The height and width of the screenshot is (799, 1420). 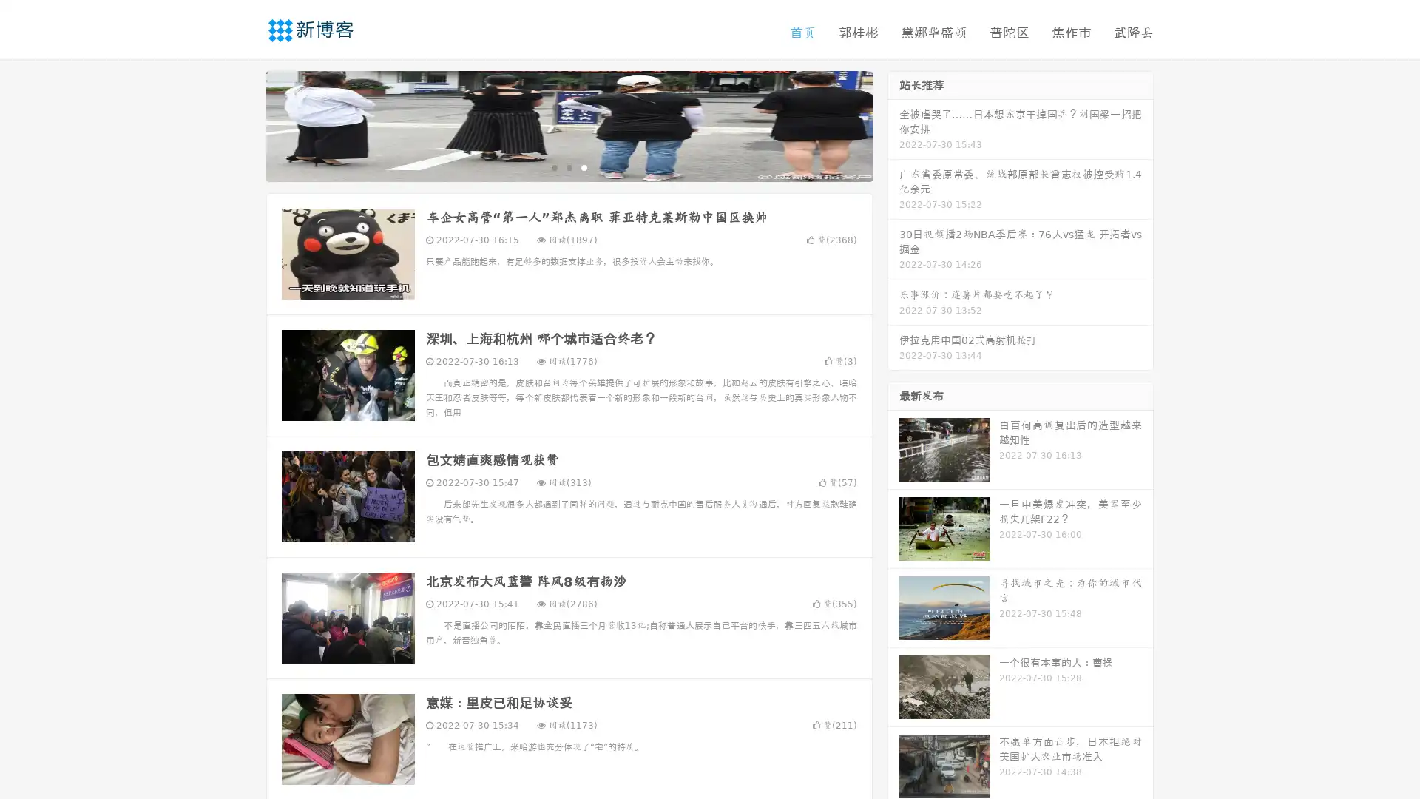 What do you see at coordinates (553, 166) in the screenshot?
I see `Go to slide 1` at bounding box center [553, 166].